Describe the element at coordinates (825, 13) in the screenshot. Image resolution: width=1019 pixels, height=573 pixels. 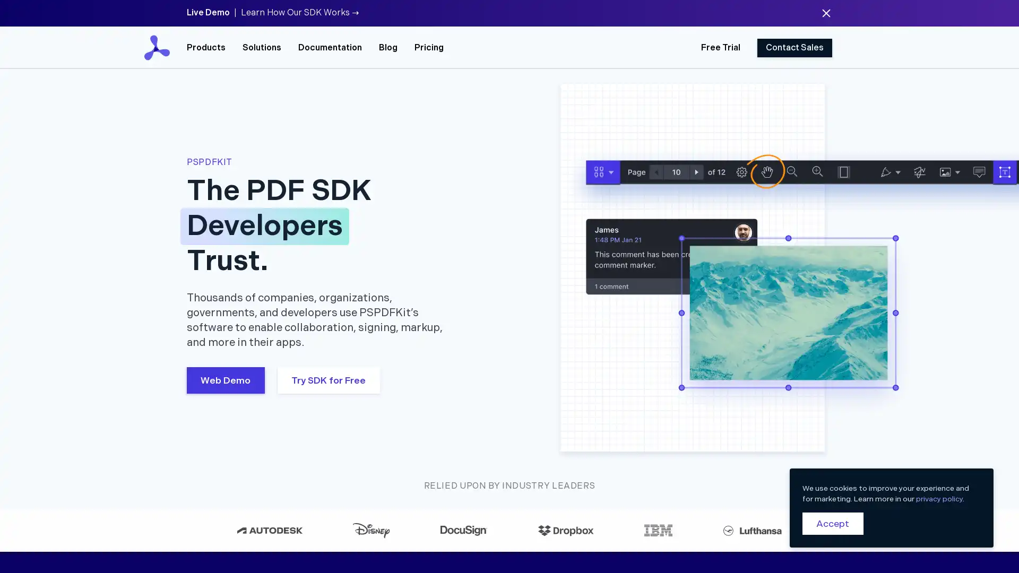
I see `Dismiss` at that location.